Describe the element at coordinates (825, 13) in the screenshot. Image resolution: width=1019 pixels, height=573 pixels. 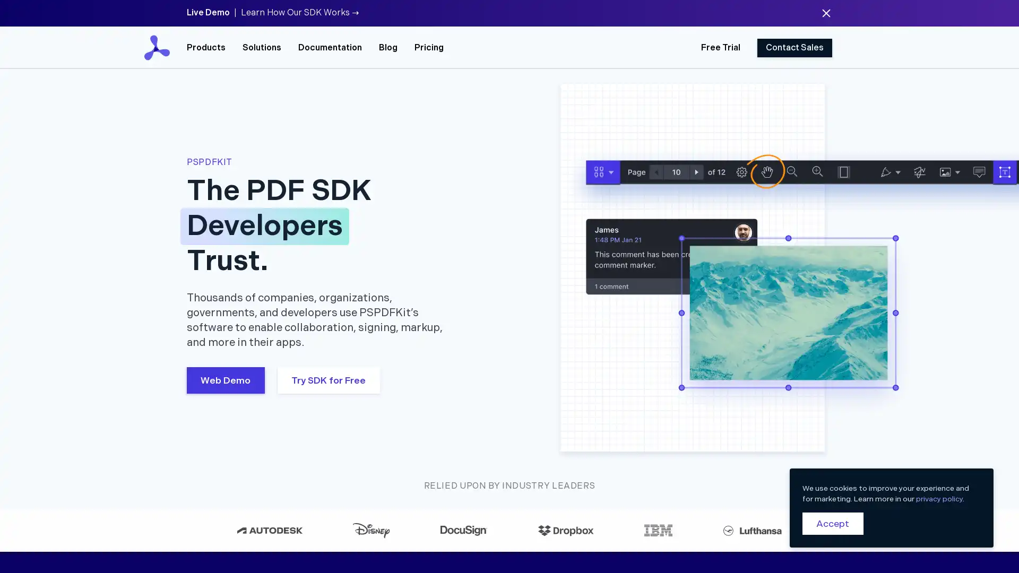
I see `Dismiss` at that location.